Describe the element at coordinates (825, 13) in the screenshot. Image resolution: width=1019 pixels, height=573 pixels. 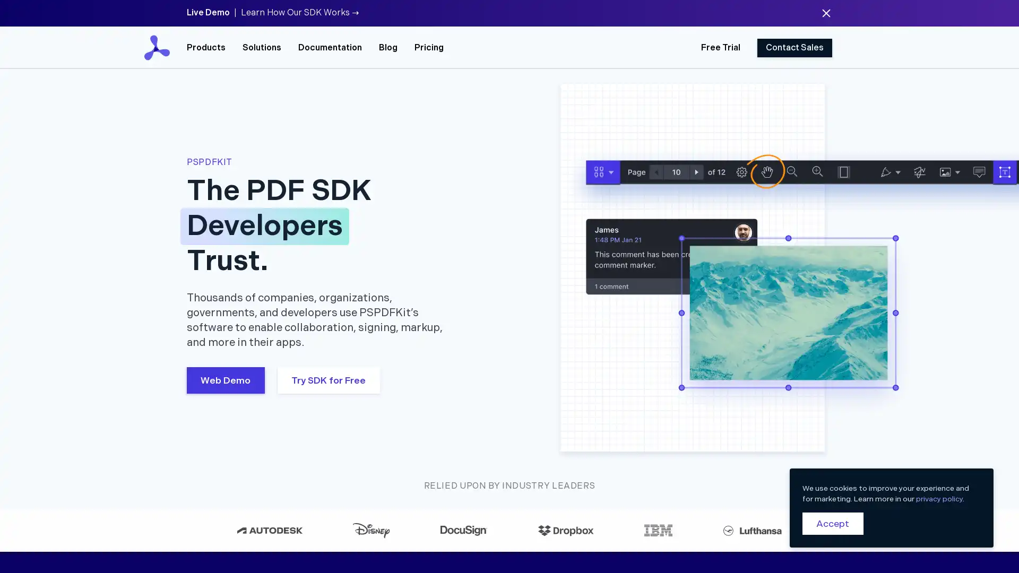
I see `Dismiss` at that location.